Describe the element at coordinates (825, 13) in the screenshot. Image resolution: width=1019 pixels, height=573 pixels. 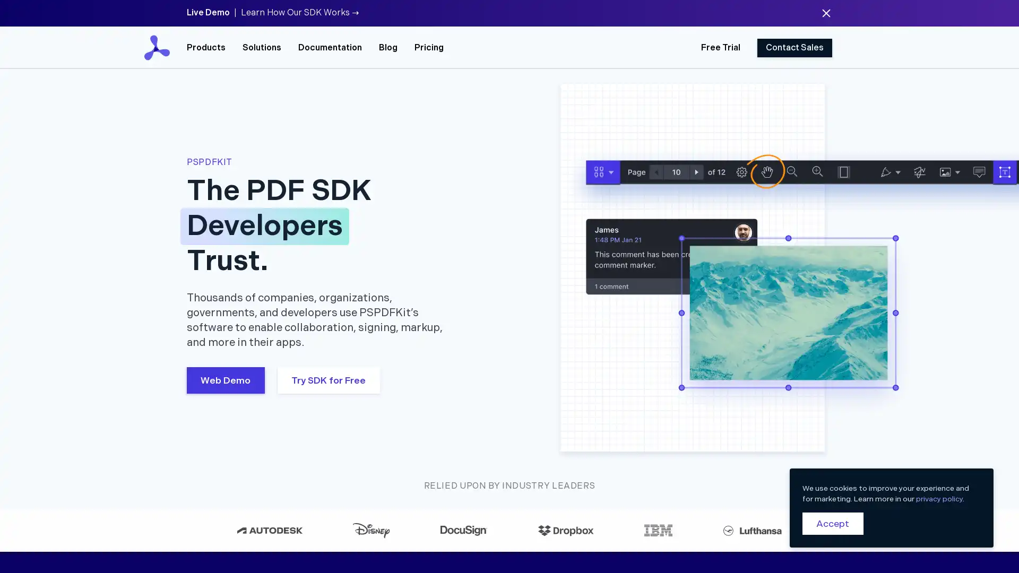
I see `Dismiss` at that location.